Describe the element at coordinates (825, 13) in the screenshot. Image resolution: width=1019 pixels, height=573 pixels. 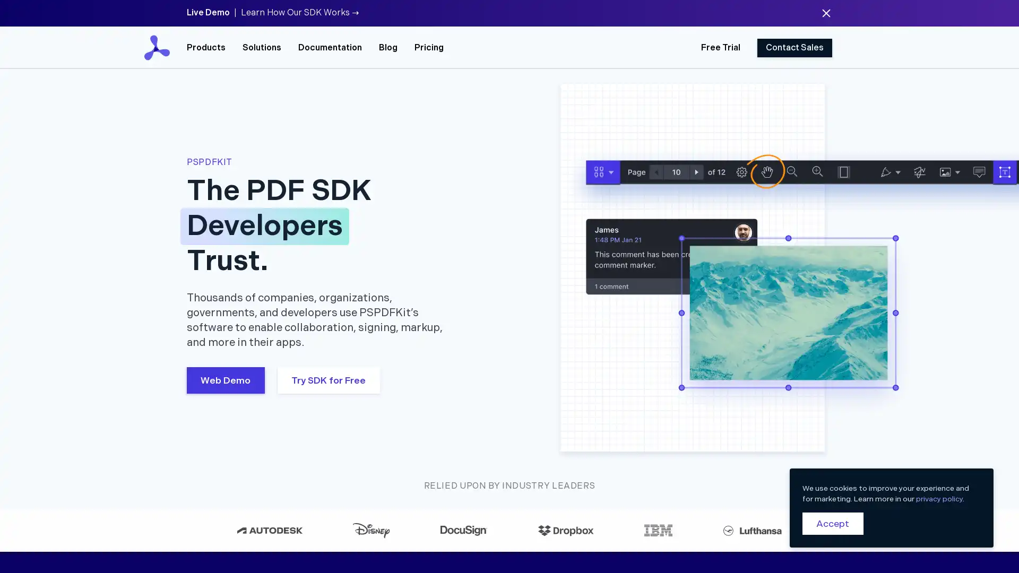
I see `Dismiss` at that location.